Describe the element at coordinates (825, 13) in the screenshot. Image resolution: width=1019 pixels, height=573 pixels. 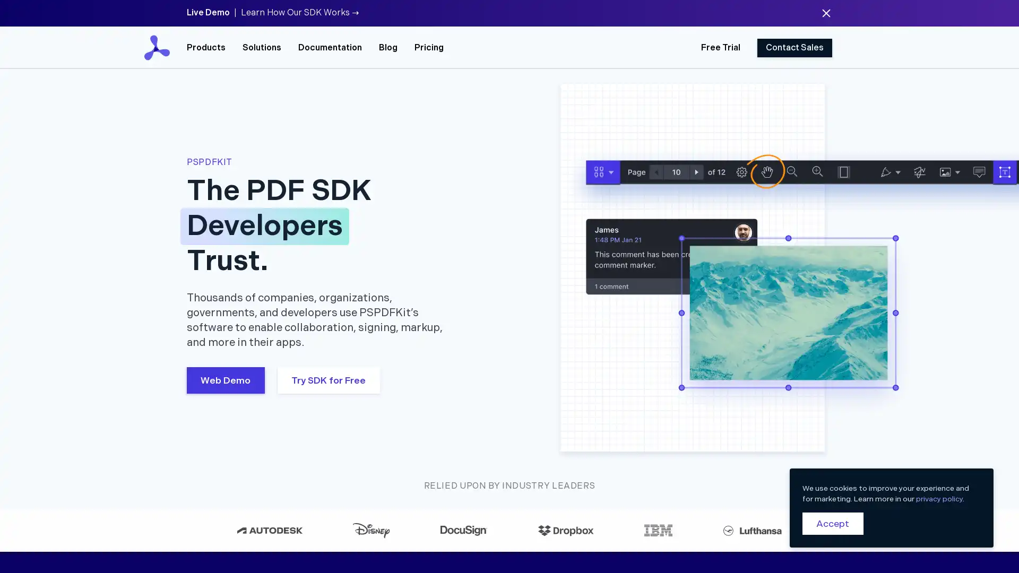
I see `Dismiss` at that location.